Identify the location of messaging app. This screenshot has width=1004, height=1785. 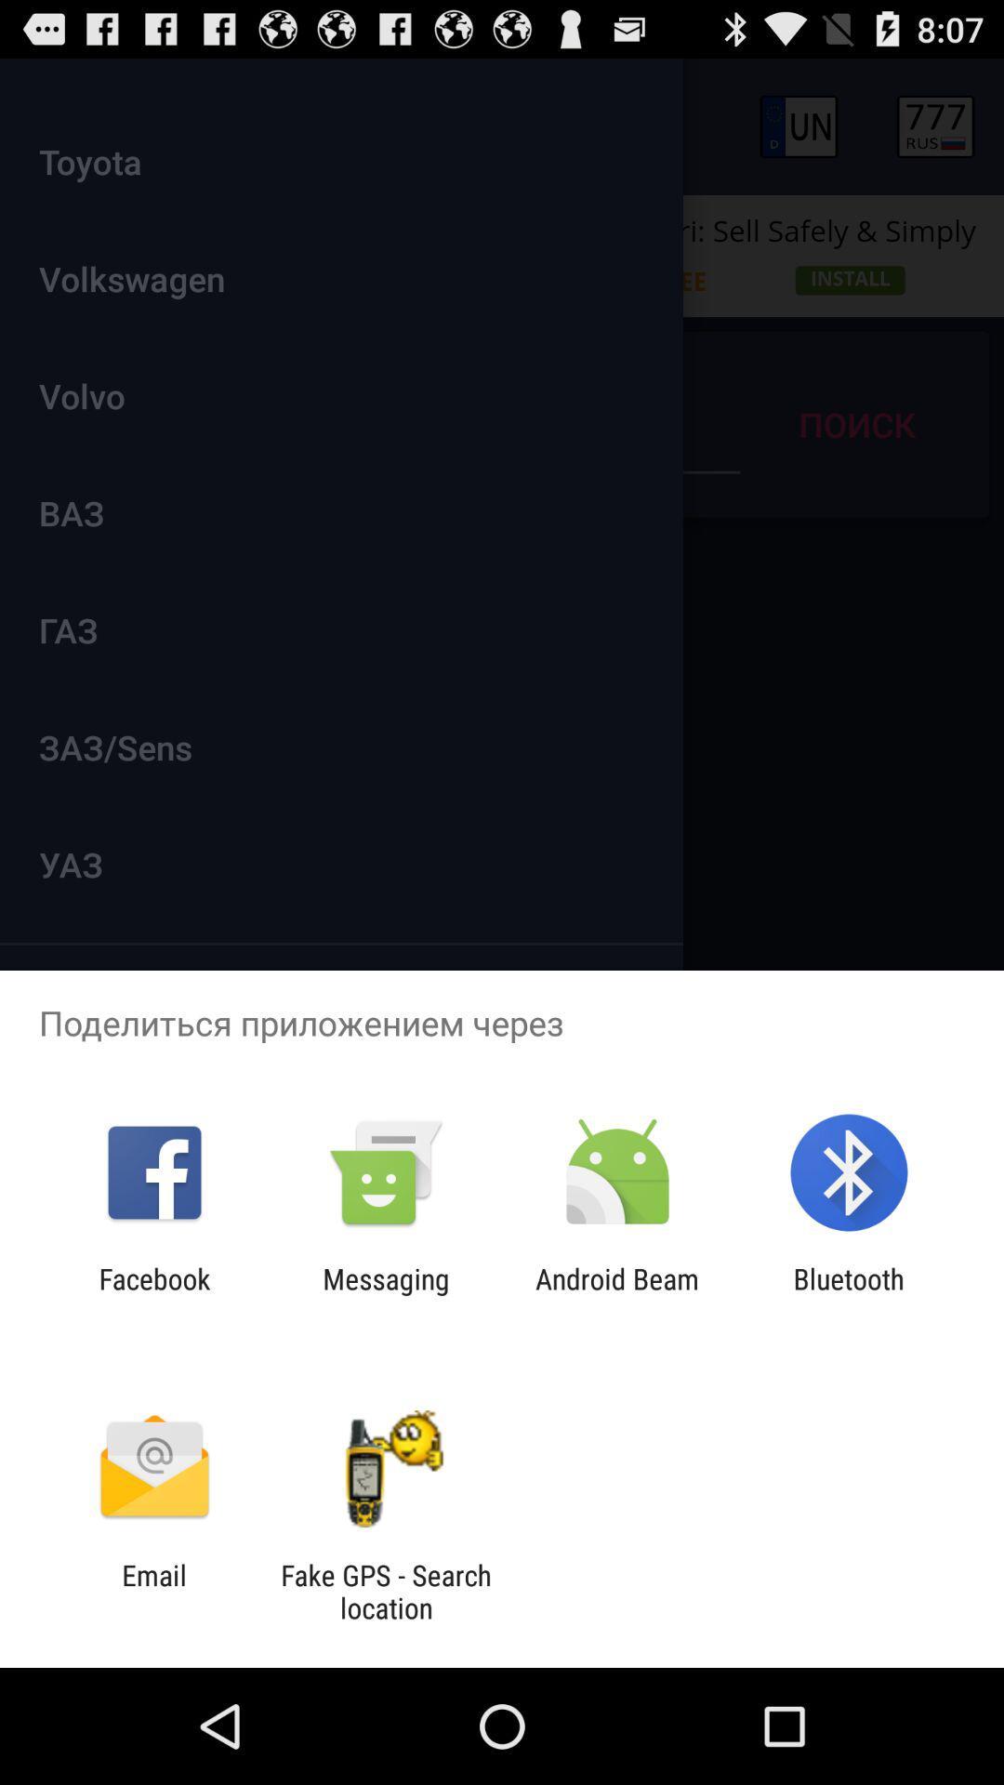
(385, 1294).